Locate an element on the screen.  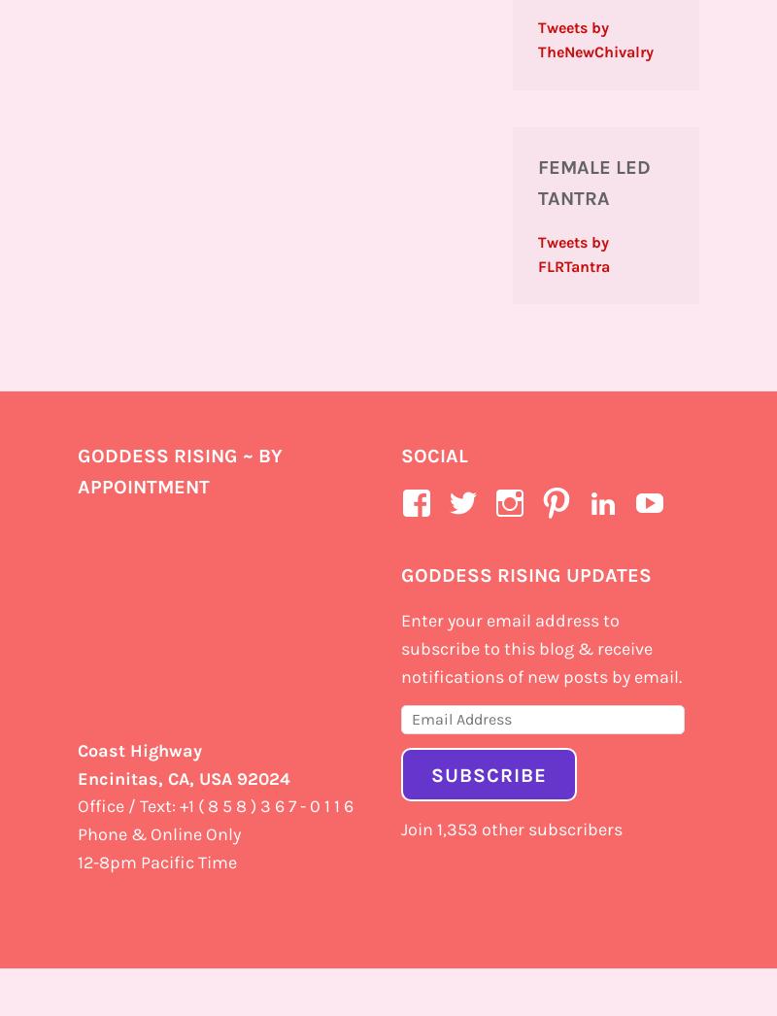
'Tweets by FLRTantra' is located at coordinates (572, 253).